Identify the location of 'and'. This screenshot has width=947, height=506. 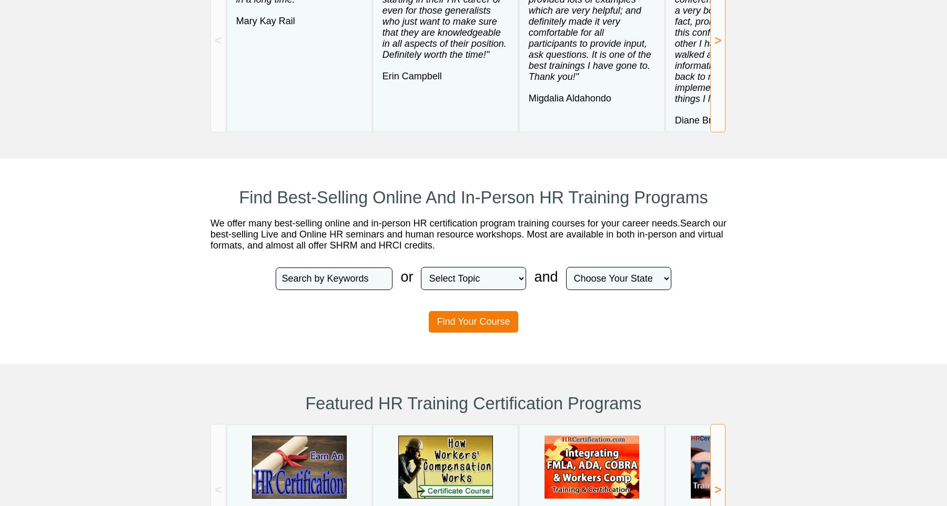
(546, 276).